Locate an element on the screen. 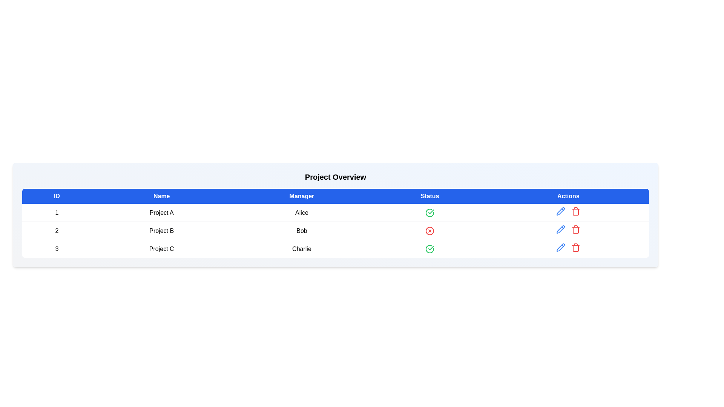 The width and height of the screenshot is (724, 407). identifier '3' displayed in bold in the first column of the table under the header 'ID', specifically at the third row is located at coordinates (56, 249).